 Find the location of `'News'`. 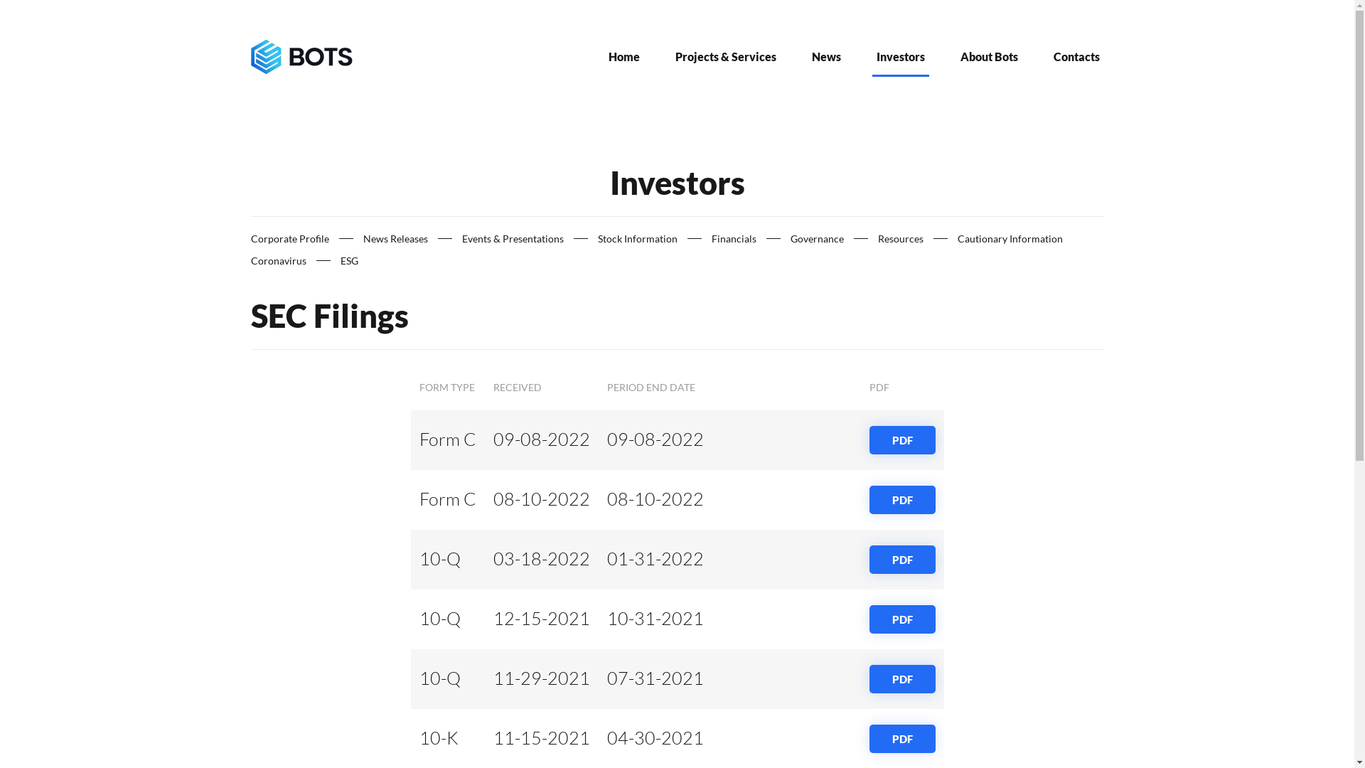

'News' is located at coordinates (808, 56).